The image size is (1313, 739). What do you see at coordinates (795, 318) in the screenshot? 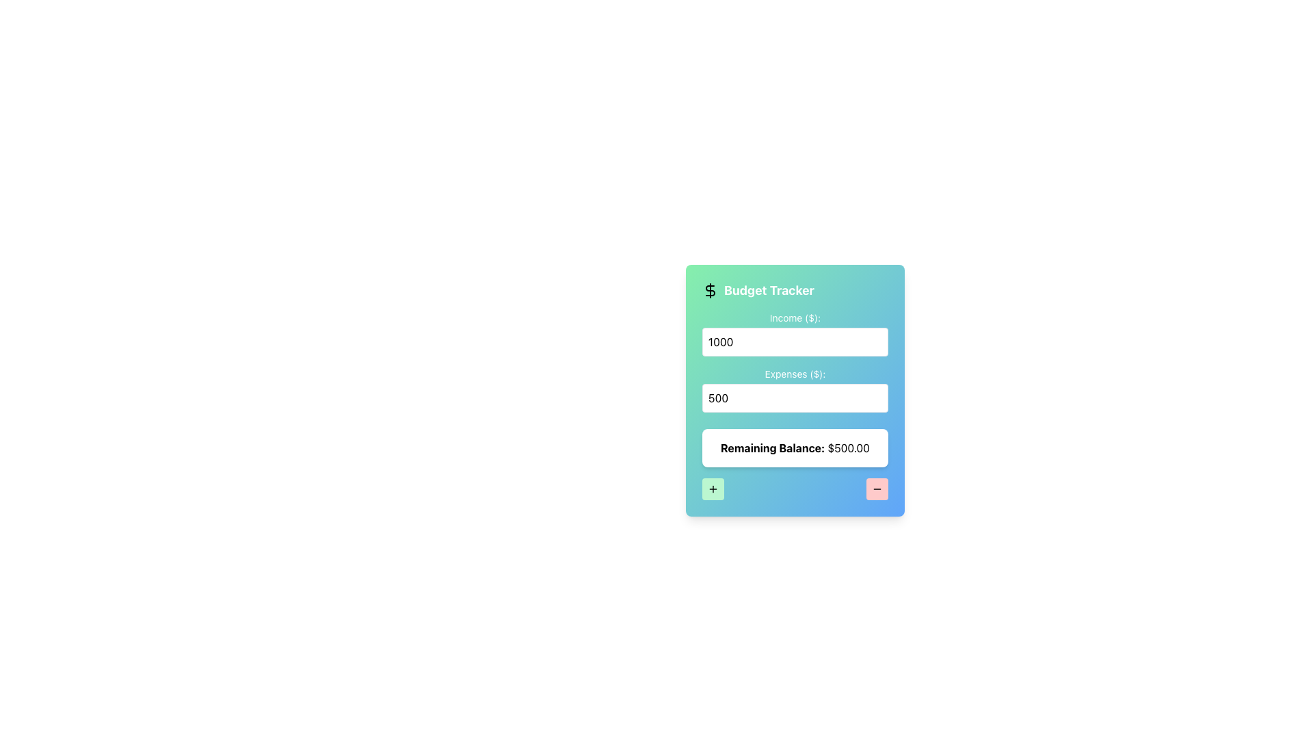
I see `the label displaying 'Income ($):' which is styled with white text on a gradient background, located at the top-left corner of the form above the income input box` at bounding box center [795, 318].